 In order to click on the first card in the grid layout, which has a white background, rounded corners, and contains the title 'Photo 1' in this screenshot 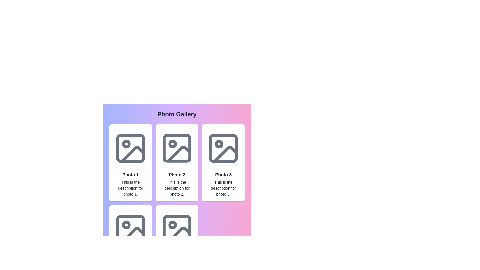, I will do `click(130, 163)`.